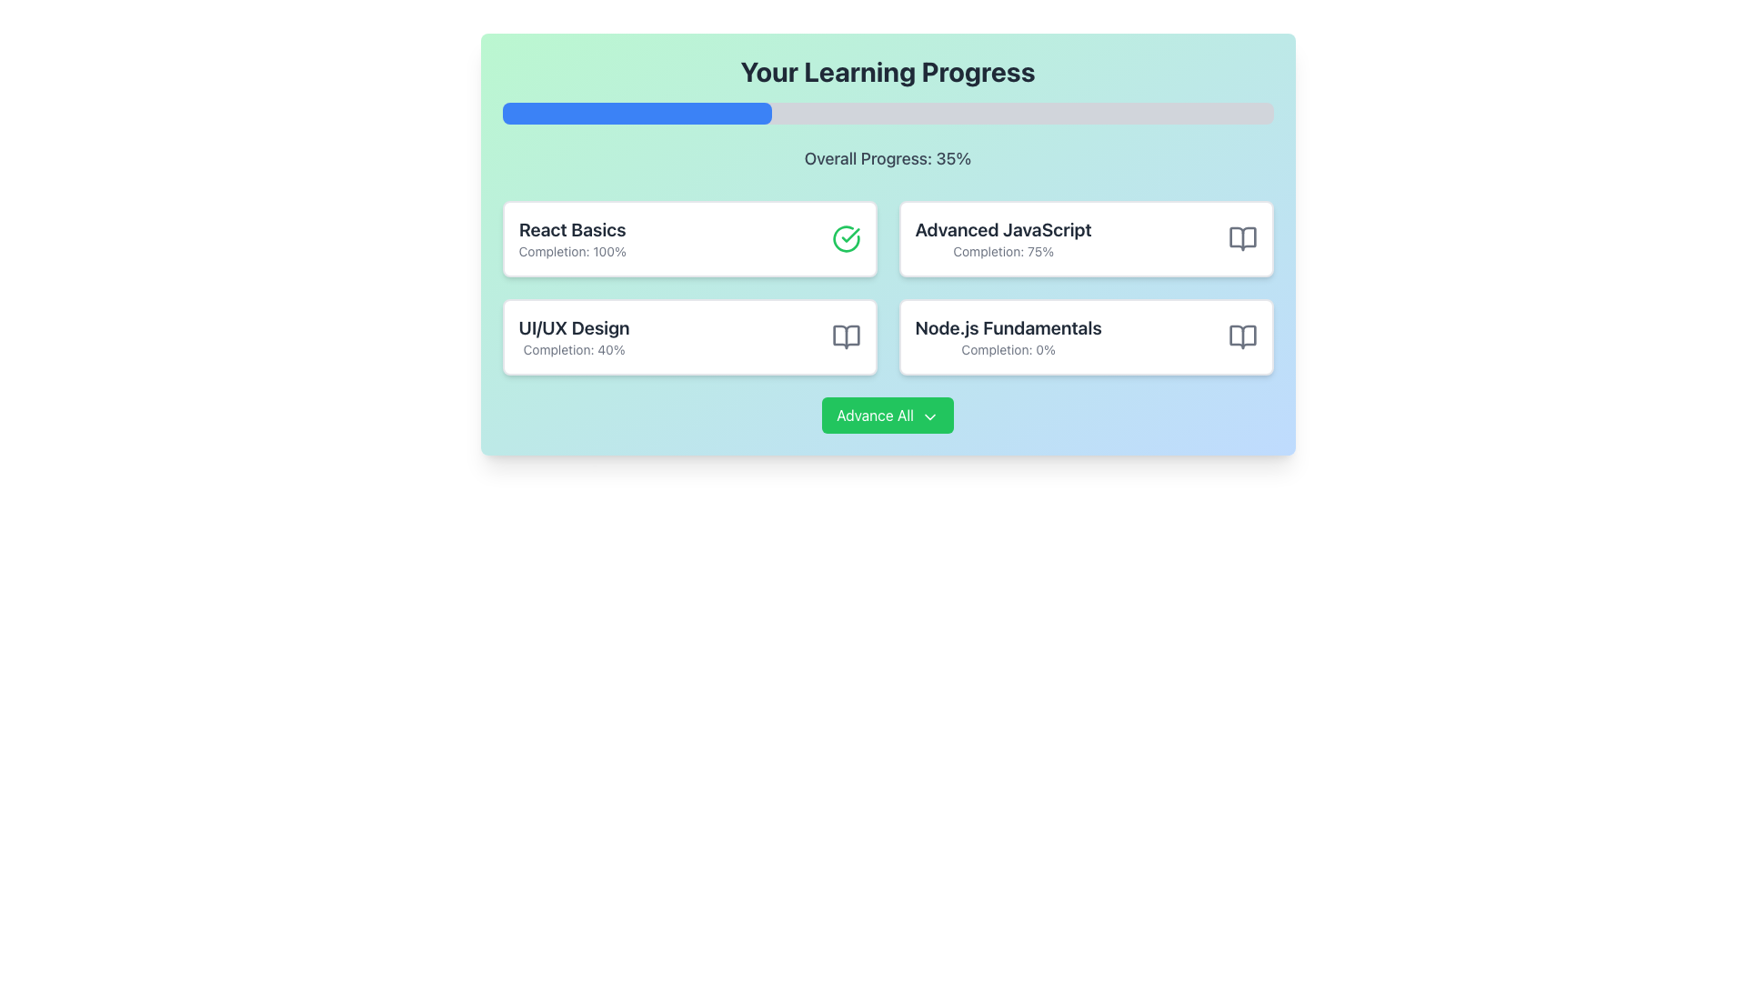 The width and height of the screenshot is (1746, 982). What do you see at coordinates (1241, 237) in the screenshot?
I see `the educational icon located in the top-right corner of the 'Advanced JavaScript' card, above the 'Completion: 75%' text` at bounding box center [1241, 237].